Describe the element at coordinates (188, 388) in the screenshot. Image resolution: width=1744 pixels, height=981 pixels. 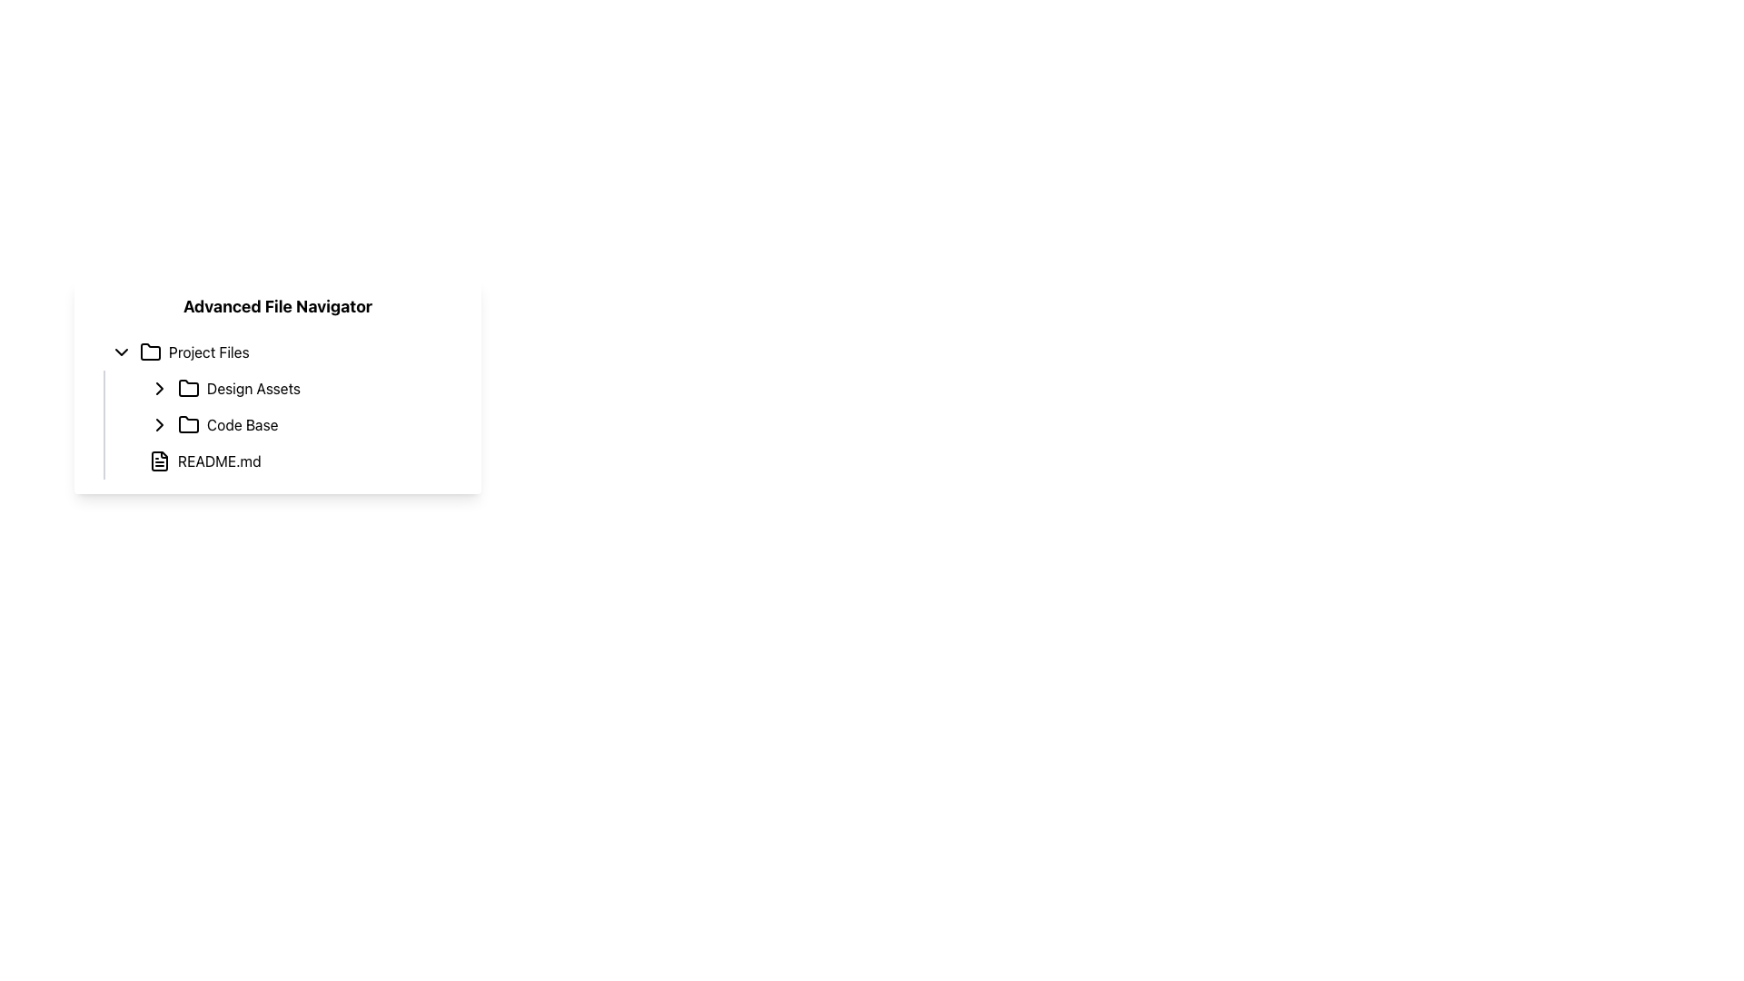
I see `the folder type indicator icon associated with the 'Design Assets' entry located to the right of its row in the hierarchical navigation menu` at that location.